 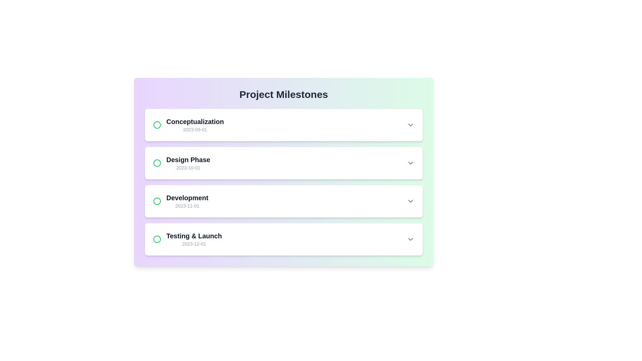 What do you see at coordinates (188, 163) in the screenshot?
I see `the milestone label located in the second row of the 'Project Milestones' list, which specifies the phase name and date for the project milestone below 'Conceptualization'` at bounding box center [188, 163].